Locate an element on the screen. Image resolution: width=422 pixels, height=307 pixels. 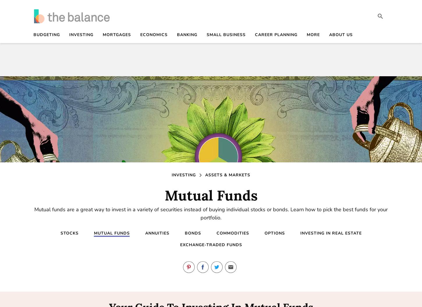
'Small Business' is located at coordinates (226, 35).